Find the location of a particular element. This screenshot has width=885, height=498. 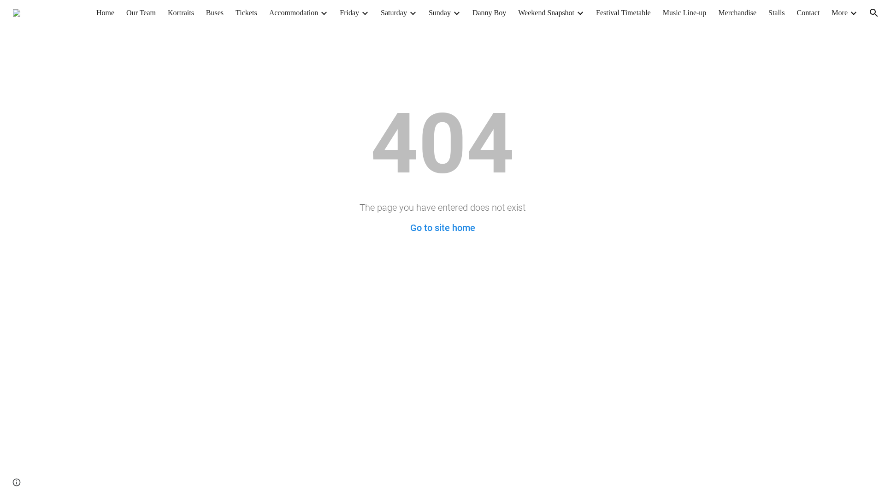

'Tickets' is located at coordinates (246, 12).